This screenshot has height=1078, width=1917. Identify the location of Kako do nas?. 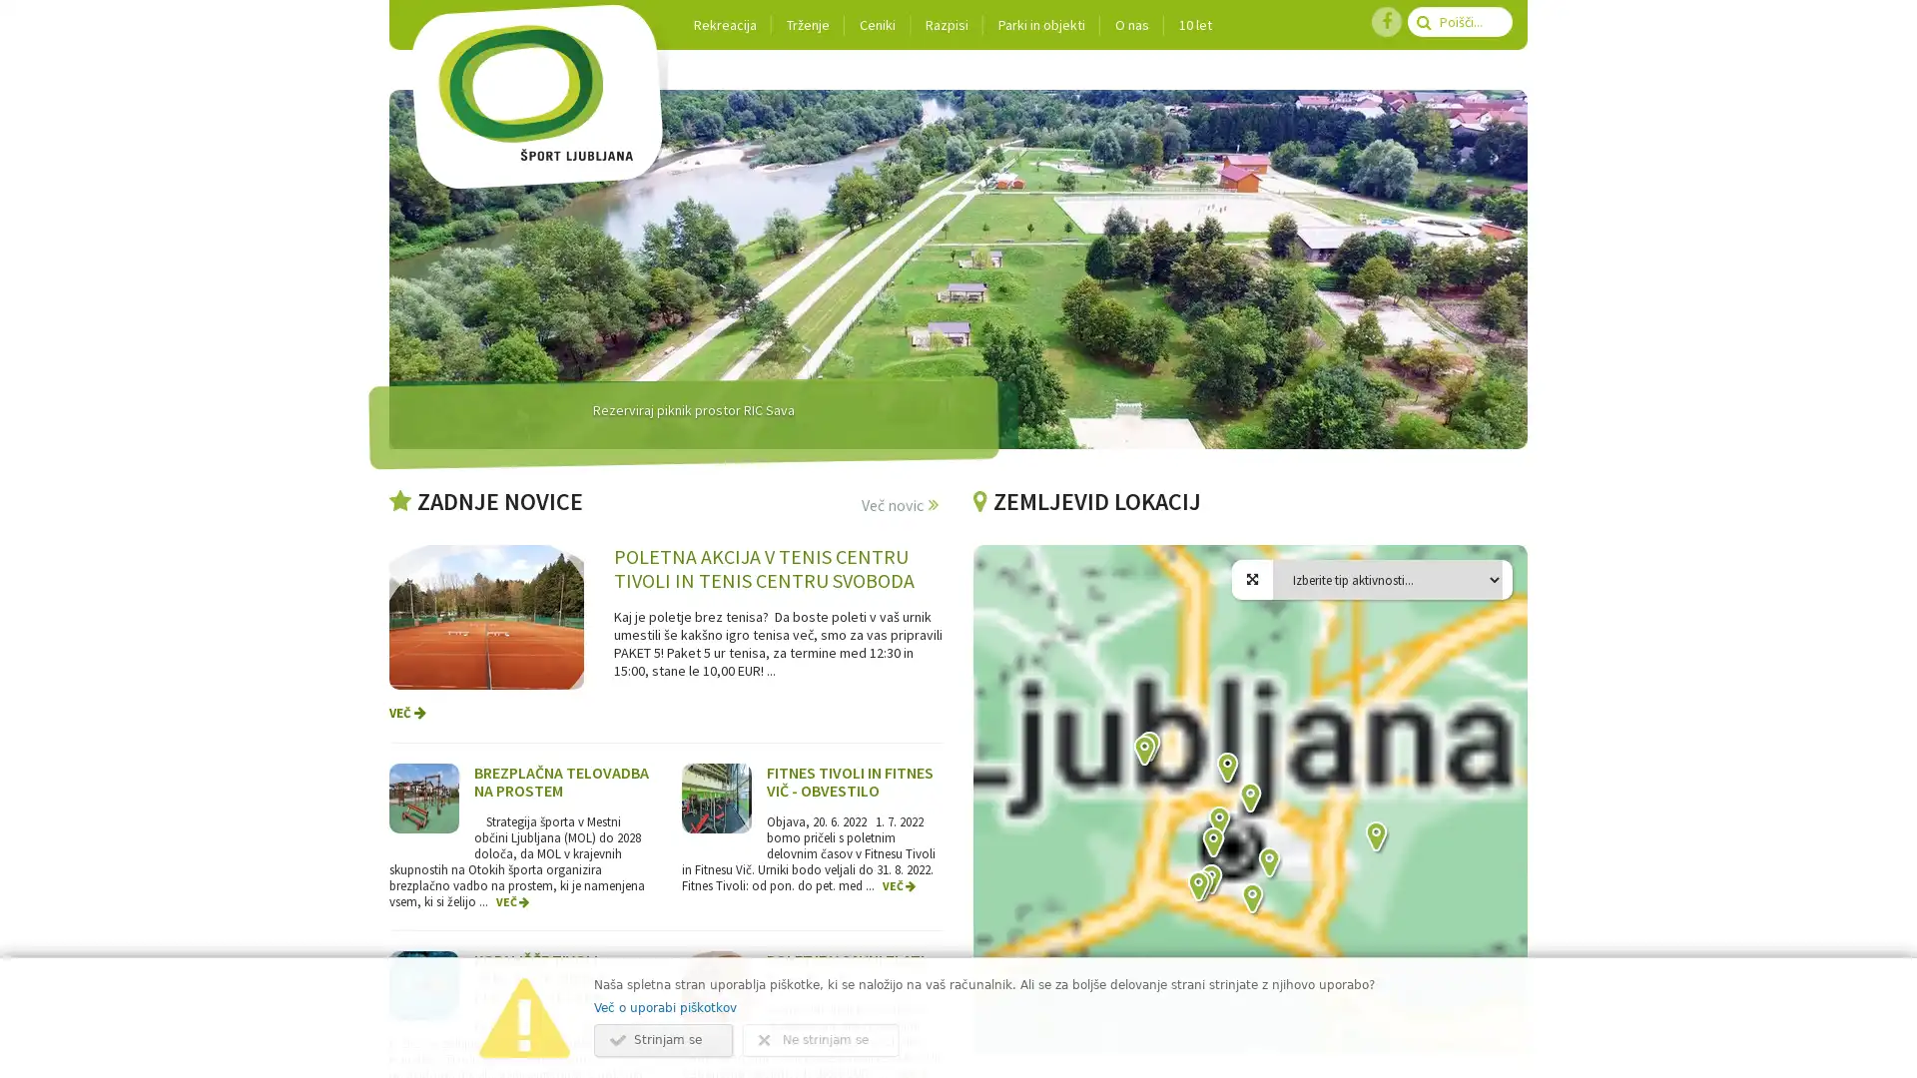
(1250, 900).